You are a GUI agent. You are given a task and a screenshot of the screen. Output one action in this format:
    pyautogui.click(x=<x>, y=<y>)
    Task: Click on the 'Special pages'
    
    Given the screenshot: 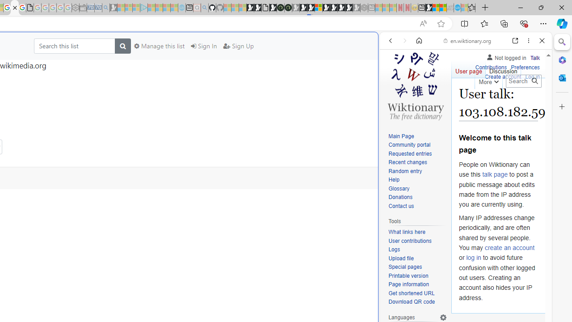 What is the action you would take?
    pyautogui.click(x=404, y=267)
    